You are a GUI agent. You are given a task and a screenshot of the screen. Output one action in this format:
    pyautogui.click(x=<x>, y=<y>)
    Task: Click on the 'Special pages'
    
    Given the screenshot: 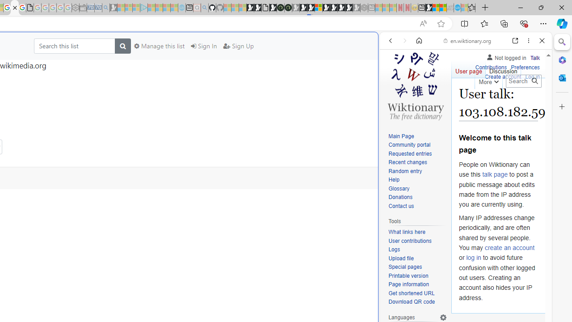 What is the action you would take?
    pyautogui.click(x=404, y=267)
    